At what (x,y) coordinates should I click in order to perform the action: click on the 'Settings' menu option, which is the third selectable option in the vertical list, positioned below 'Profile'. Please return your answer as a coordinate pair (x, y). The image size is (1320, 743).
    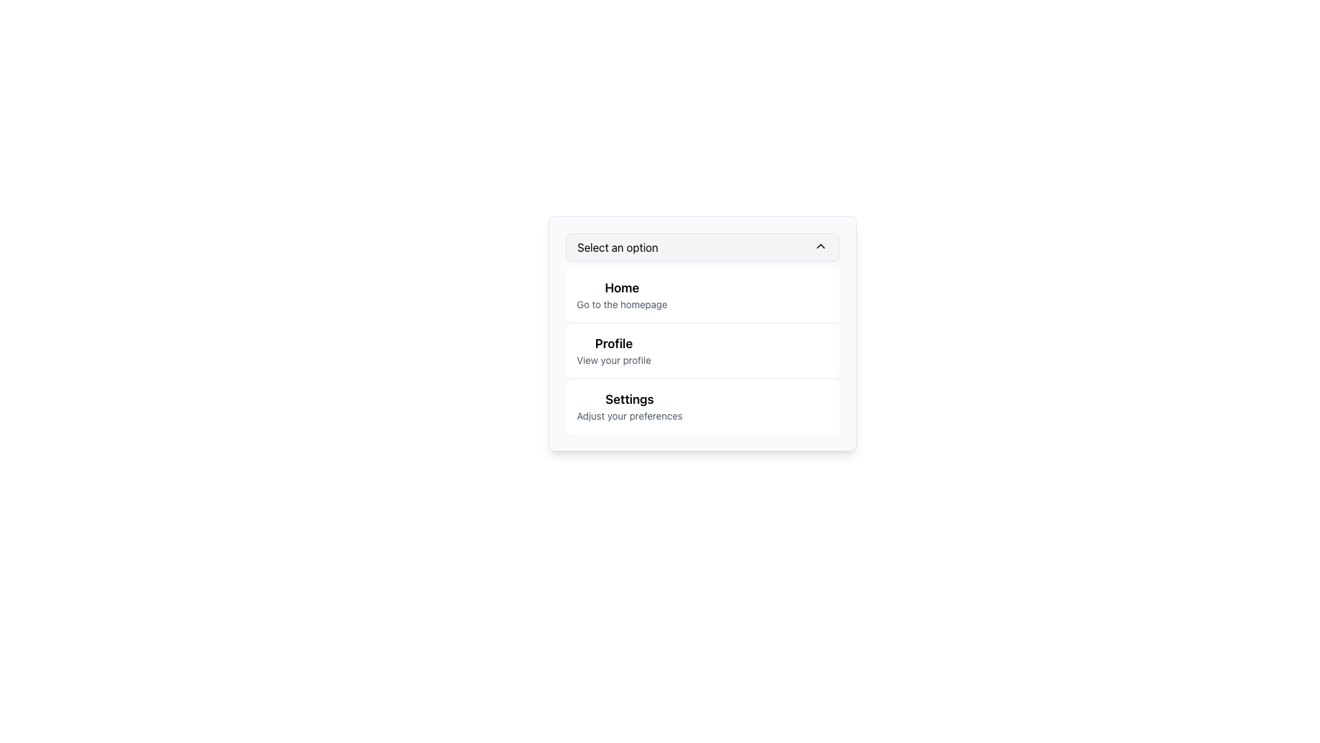
    Looking at the image, I should click on (629, 405).